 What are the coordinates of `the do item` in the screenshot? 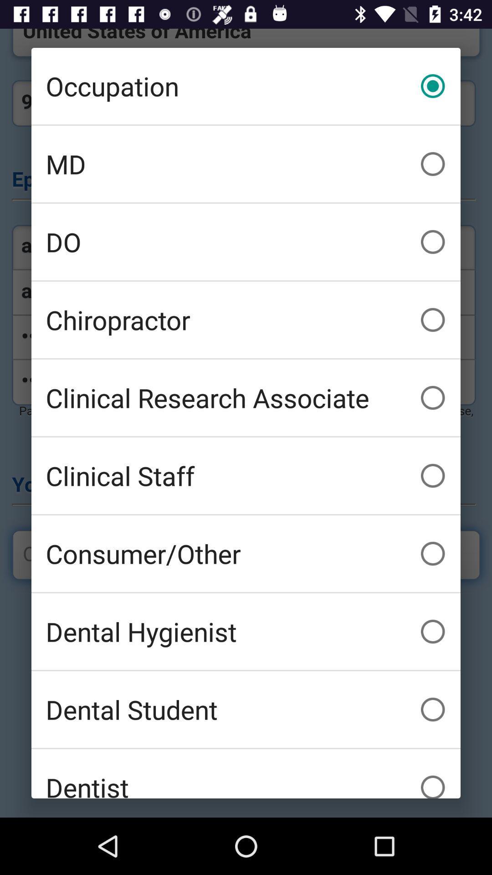 It's located at (246, 242).